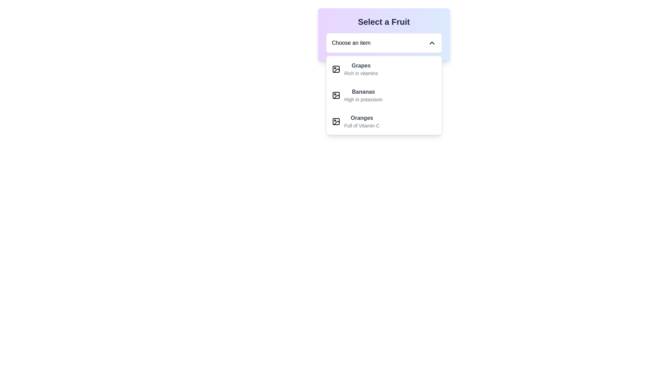 The image size is (662, 372). Describe the element at coordinates (363, 95) in the screenshot. I see `to select the 'Bananas' menu item, which appears as the second item in the dropdown list under 'Select a Fruit'` at that location.